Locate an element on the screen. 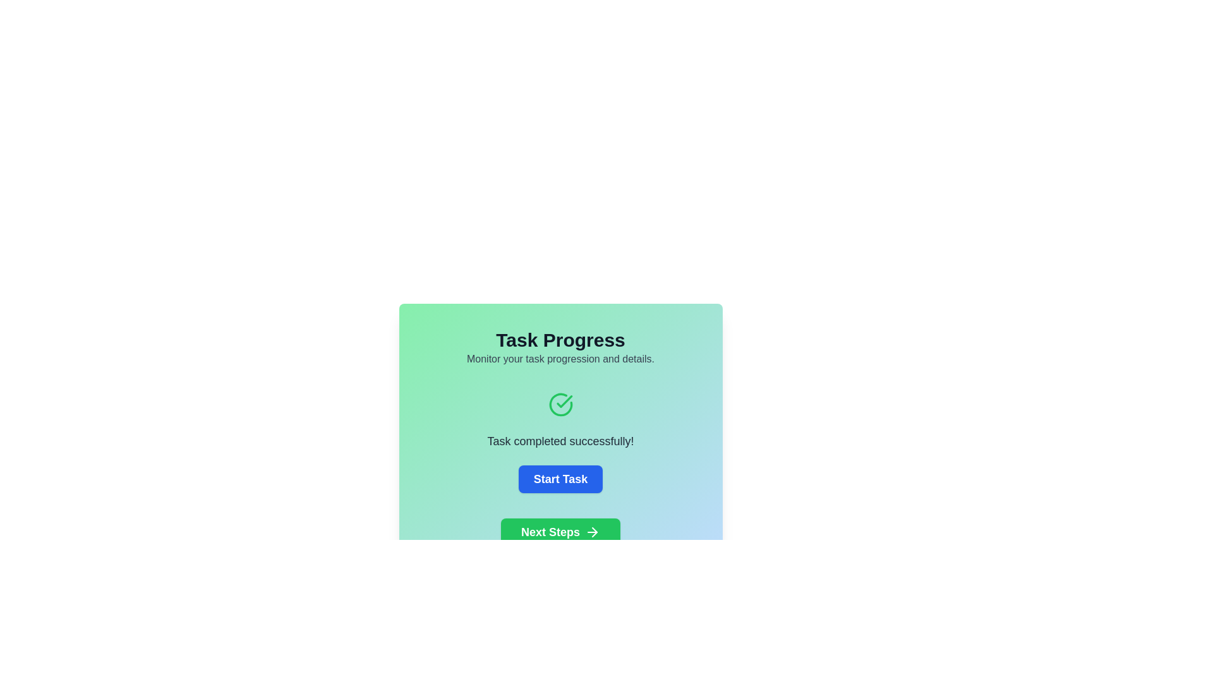 The image size is (1213, 682). the 'Next Steps' button is located at coordinates (560, 532).